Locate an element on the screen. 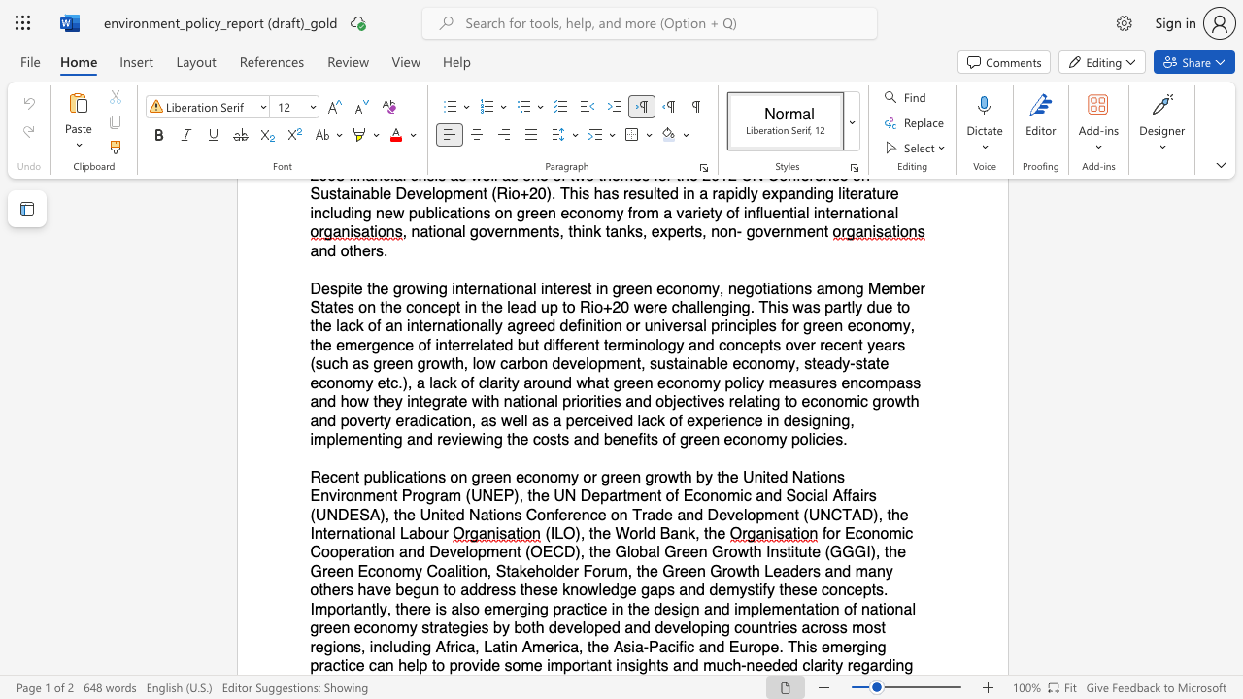 The height and width of the screenshot is (699, 1243). the subset text "ess these knowledge gaps and demystify these concepts. Importantly, there is also emerging practice in the design and implementation of national green economy strategies by both developed and developing countries across most regions, including Africa, Latin America, the Asia‐Pacific and Europe. This emerging practice can help" within the text "for Economic Cooperation and Development (OECD), the Global Green Growth Institute (GGGI), the Green Economy Coalition, Stakeholder Forum, the Green Growth Leaders and many others have begun to address these knowledge gaps and demystify these concepts. Importantly, there is also emerging practice in the design and implementation of national green economy strategies by both developed and developing countries across most regions, including Africa, Latin America, the Asia‐Pacific and Europe. This emerging practice can help to provide some important insights and much‐needed clarity" is located at coordinates (491, 589).